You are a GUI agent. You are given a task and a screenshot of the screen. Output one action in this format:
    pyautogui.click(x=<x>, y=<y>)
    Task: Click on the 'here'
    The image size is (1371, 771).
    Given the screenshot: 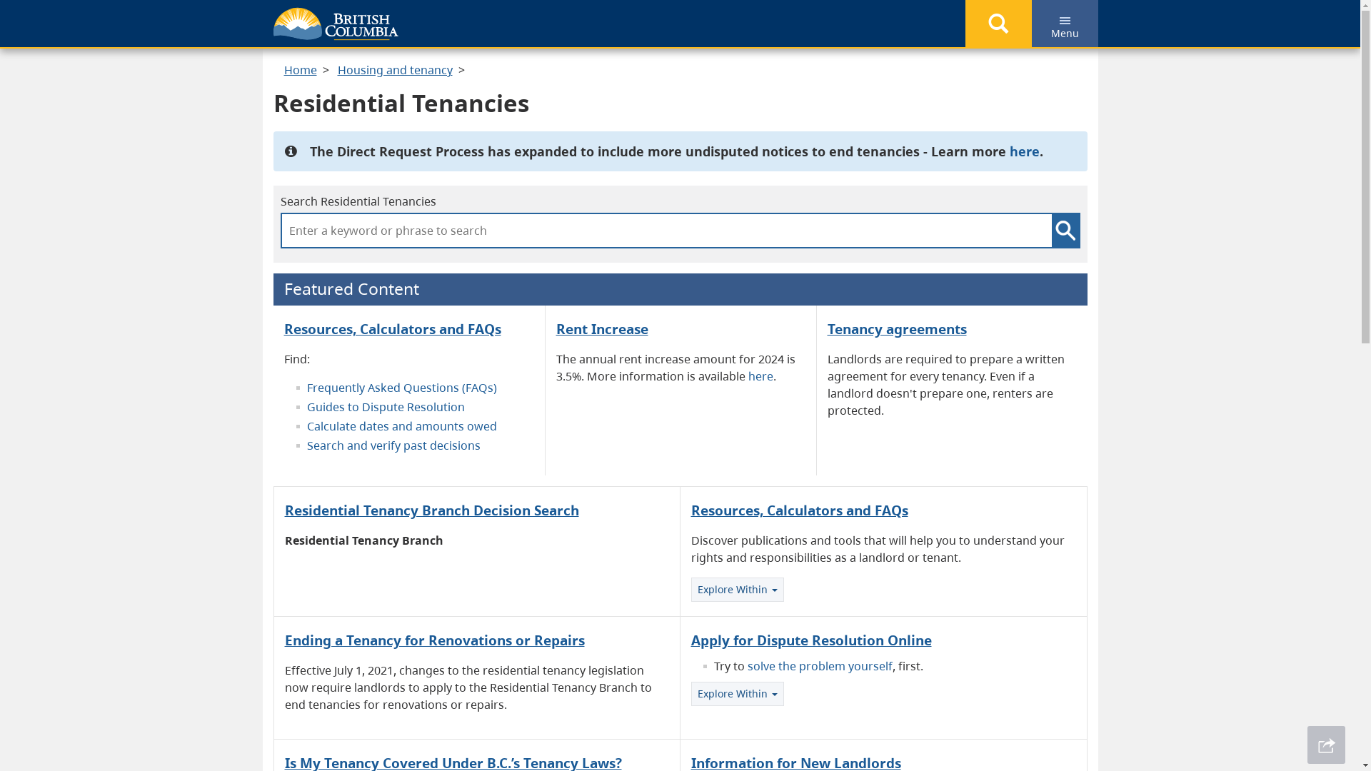 What is the action you would take?
    pyautogui.click(x=760, y=376)
    